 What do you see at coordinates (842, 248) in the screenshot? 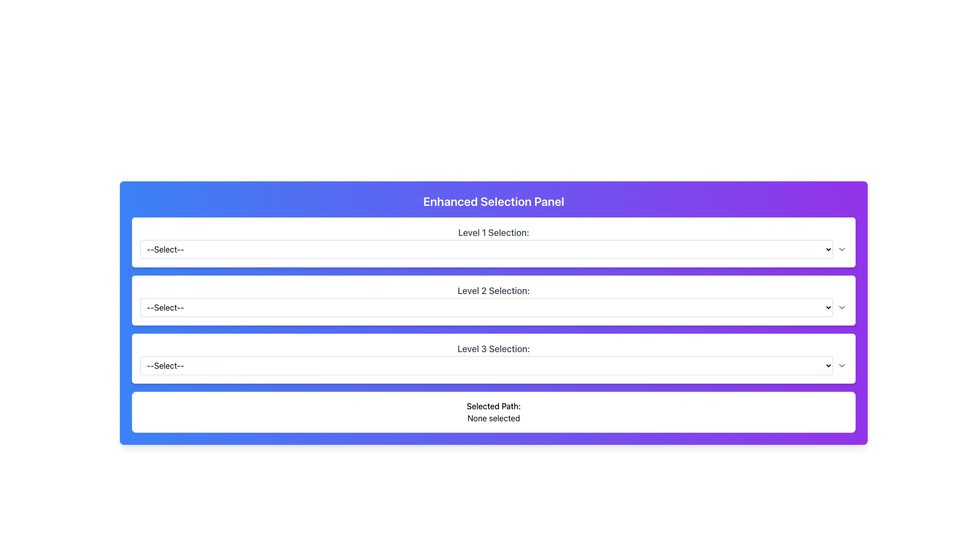
I see `the icon button located on the right side of the first selection dropdown within the 'Level 1 Selection:' panel` at bounding box center [842, 248].